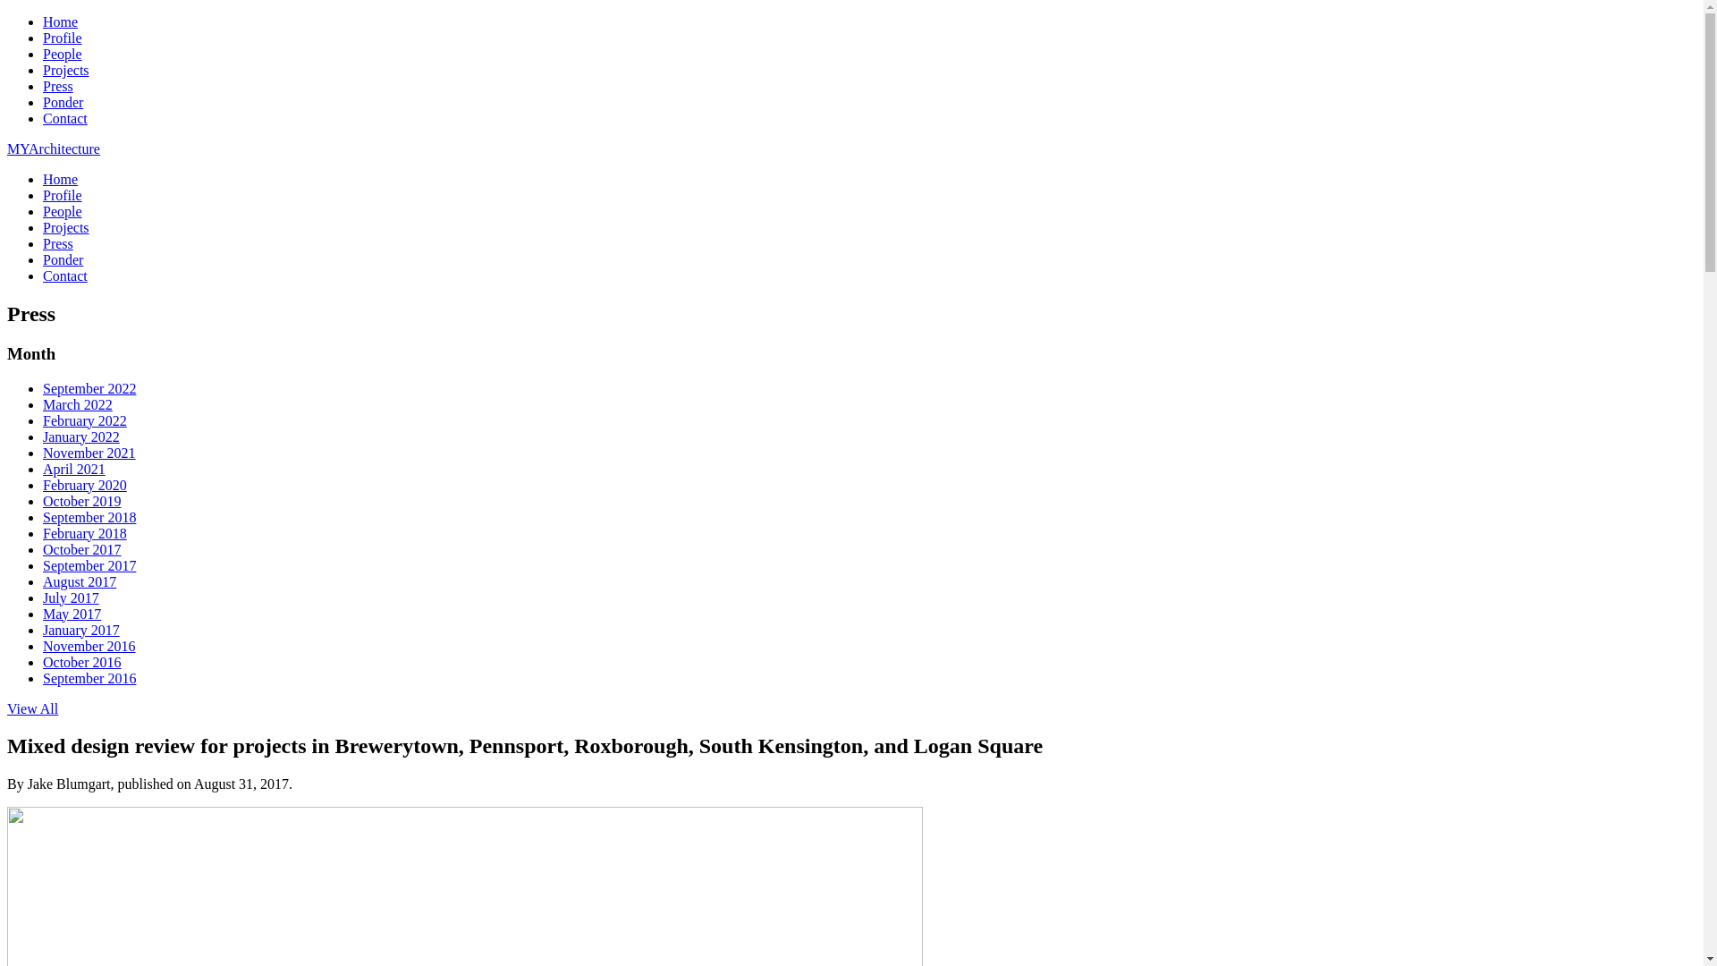 This screenshot has height=966, width=1717. I want to click on 'November 2016', so click(89, 646).